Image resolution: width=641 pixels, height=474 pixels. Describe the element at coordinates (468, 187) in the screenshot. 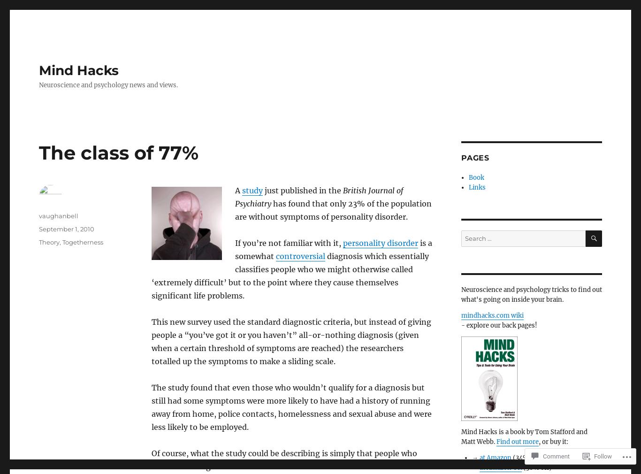

I see `'Links'` at that location.